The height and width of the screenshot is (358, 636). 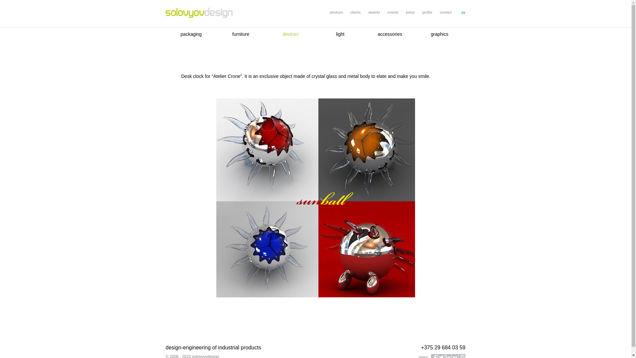 I want to click on 'clients', so click(x=350, y=12).